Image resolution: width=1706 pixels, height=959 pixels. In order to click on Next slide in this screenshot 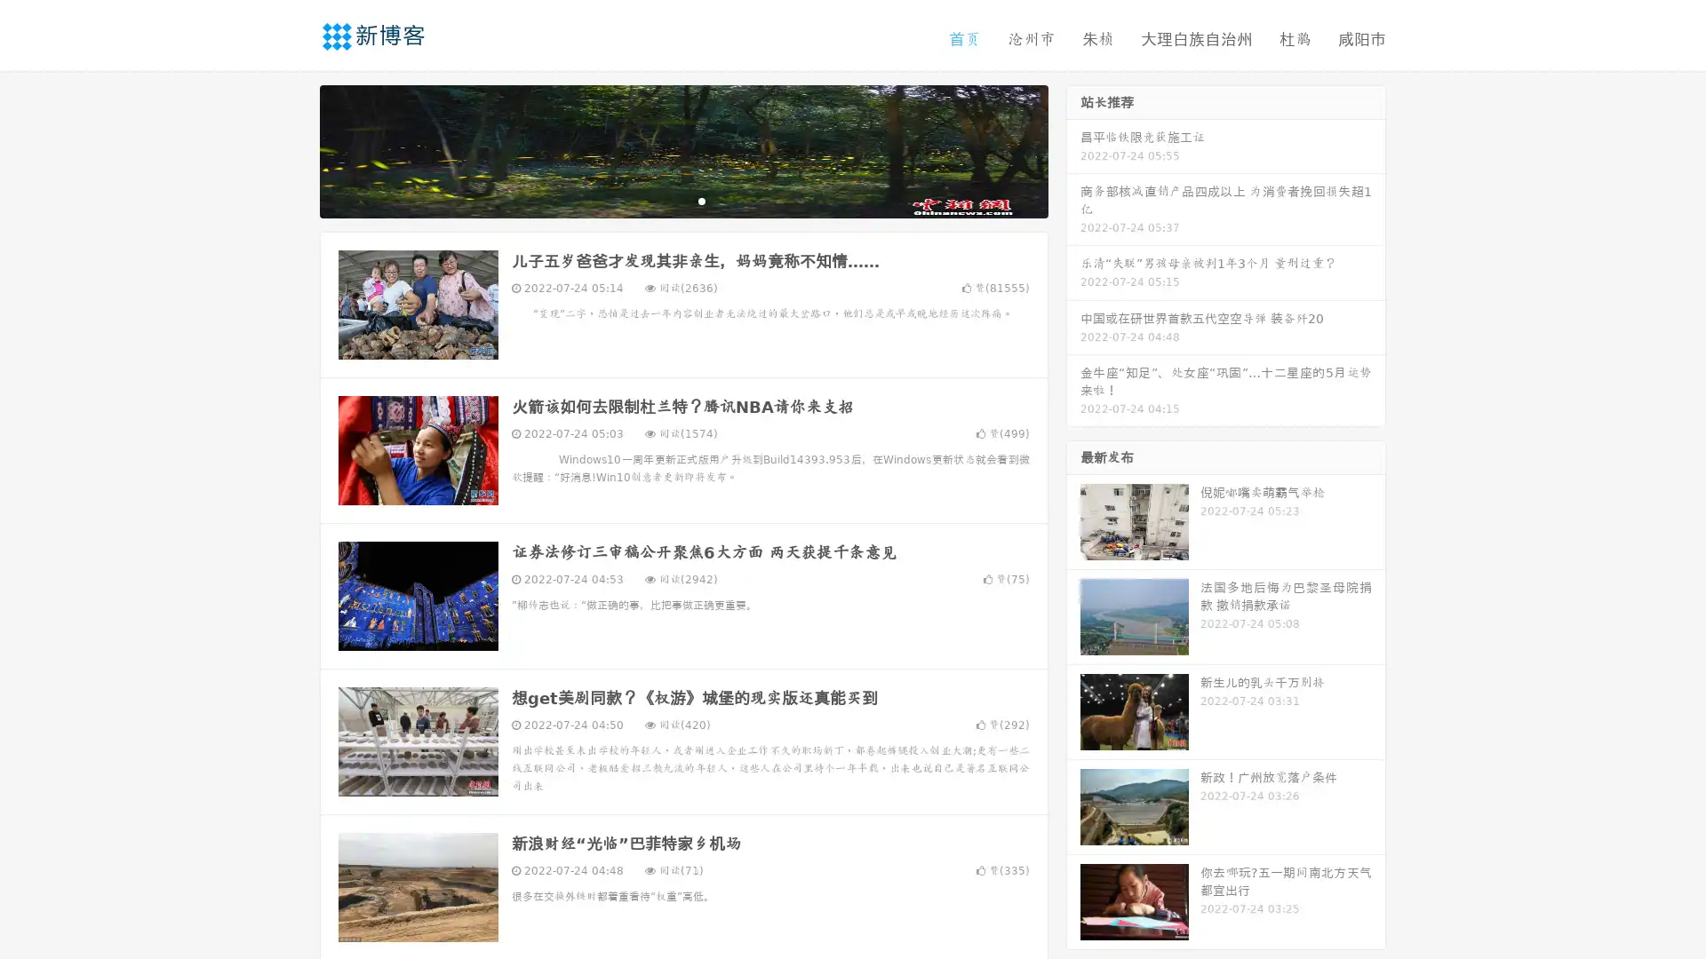, I will do `click(1073, 149)`.